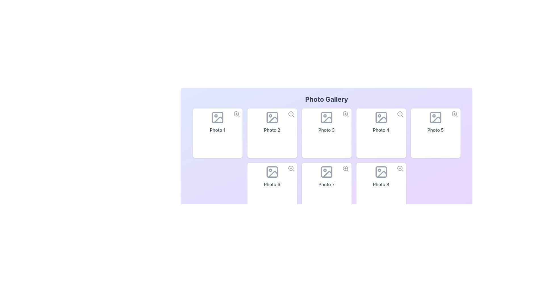  What do you see at coordinates (345, 114) in the screenshot?
I see `the circular visual component representing the lens of the magnifying glass icon within the 'Photo 3' card` at bounding box center [345, 114].